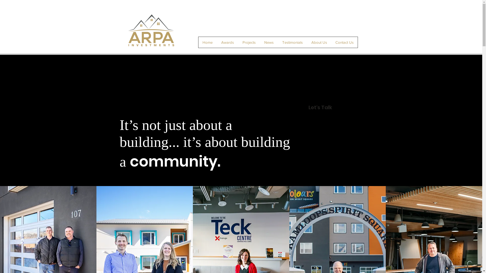 The height and width of the screenshot is (273, 486). What do you see at coordinates (306, 42) in the screenshot?
I see `'About Us'` at bounding box center [306, 42].